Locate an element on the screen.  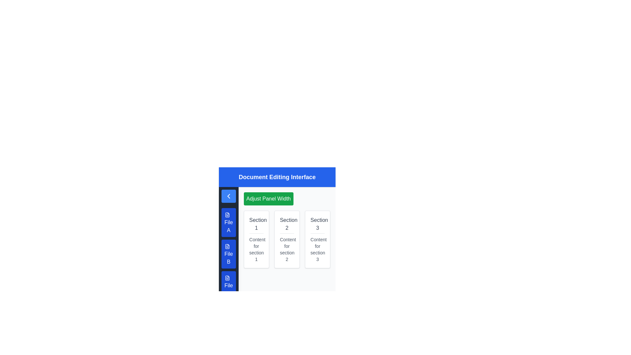
the file icon, which is part of the button labeled 'File C' with a blue background located at the top-left of the button is located at coordinates (227, 278).